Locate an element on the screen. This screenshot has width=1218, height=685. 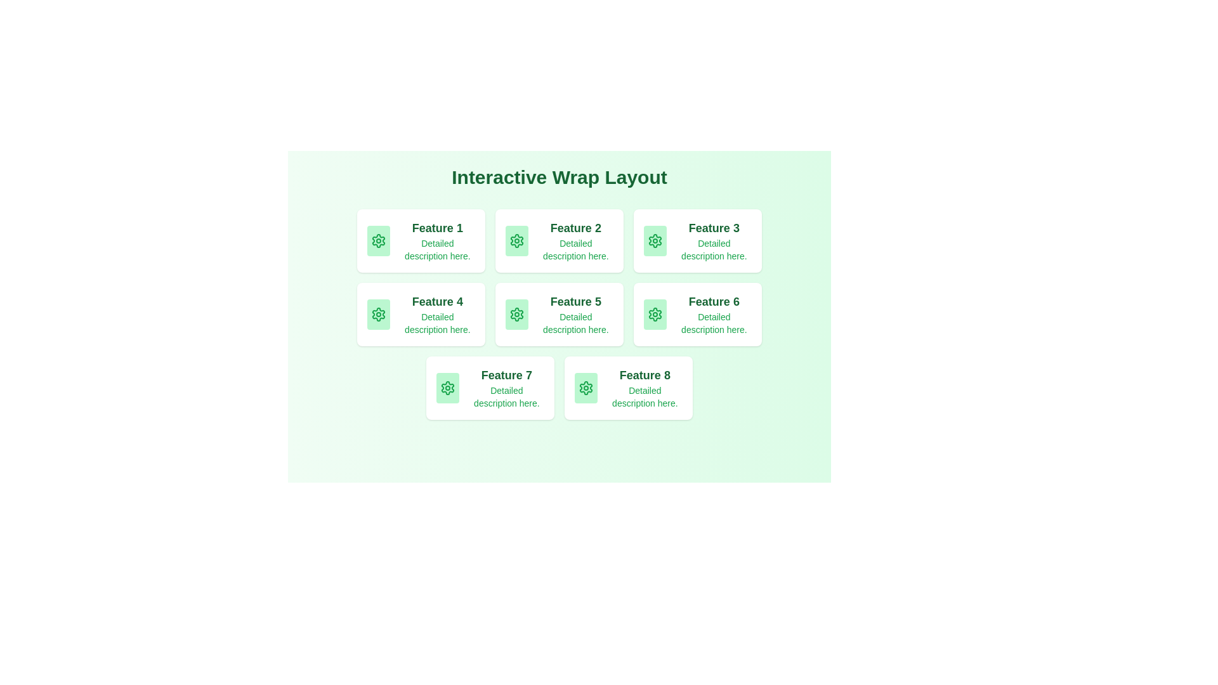
the decorative icon for the 'Feature 3' section, located within the third card of the top row in the grid layout is located at coordinates (655, 241).